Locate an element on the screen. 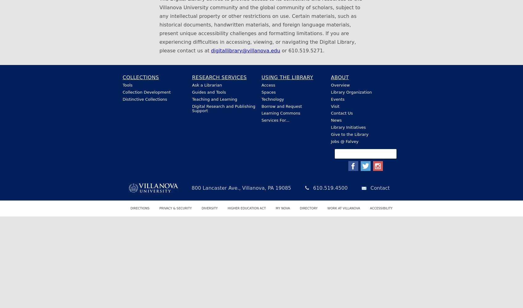  'Jobs @ Falvey' is located at coordinates (344, 141).